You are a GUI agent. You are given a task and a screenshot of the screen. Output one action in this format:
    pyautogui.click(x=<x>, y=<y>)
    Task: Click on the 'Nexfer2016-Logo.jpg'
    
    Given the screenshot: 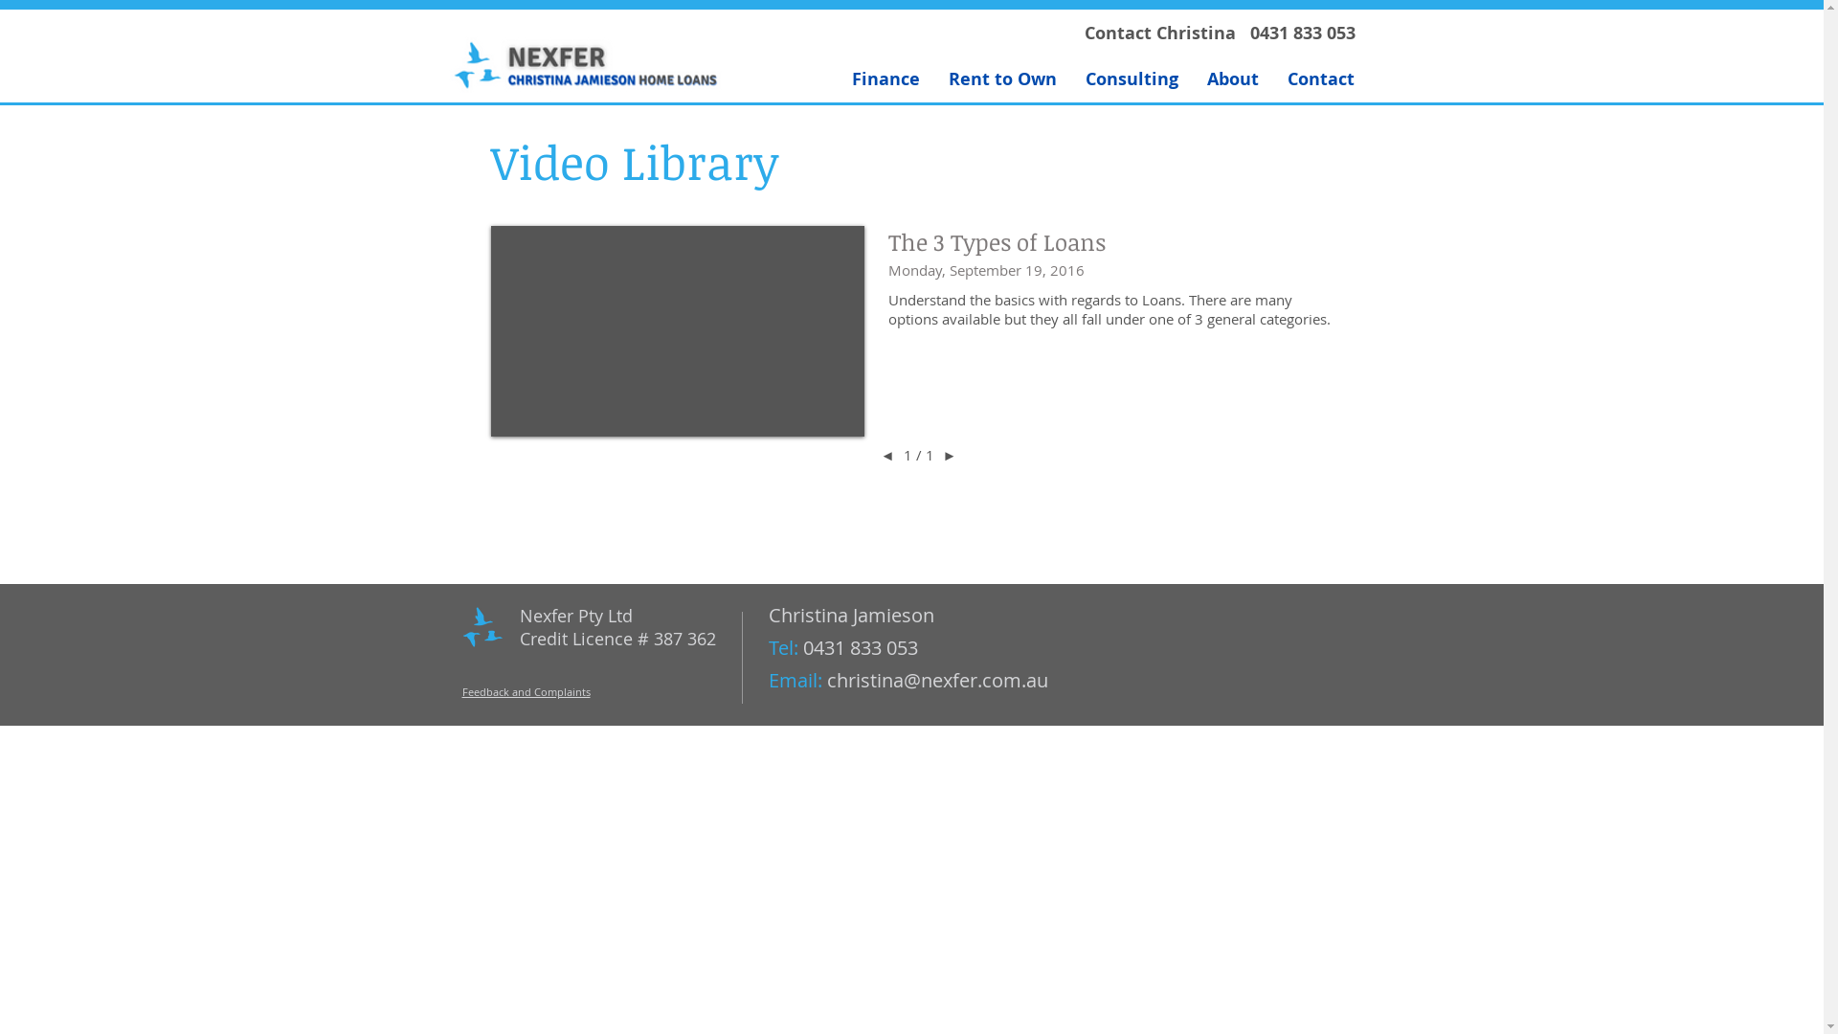 What is the action you would take?
    pyautogui.click(x=584, y=62)
    